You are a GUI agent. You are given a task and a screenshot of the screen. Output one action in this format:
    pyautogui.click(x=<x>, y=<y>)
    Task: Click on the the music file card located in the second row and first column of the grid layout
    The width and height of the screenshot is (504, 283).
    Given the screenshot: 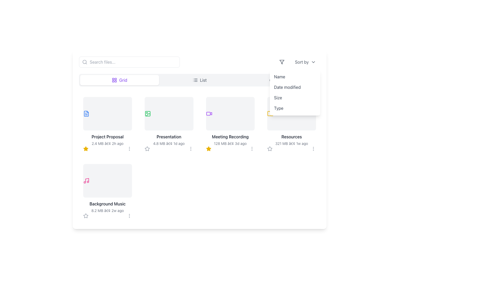 What is the action you would take?
    pyautogui.click(x=107, y=181)
    